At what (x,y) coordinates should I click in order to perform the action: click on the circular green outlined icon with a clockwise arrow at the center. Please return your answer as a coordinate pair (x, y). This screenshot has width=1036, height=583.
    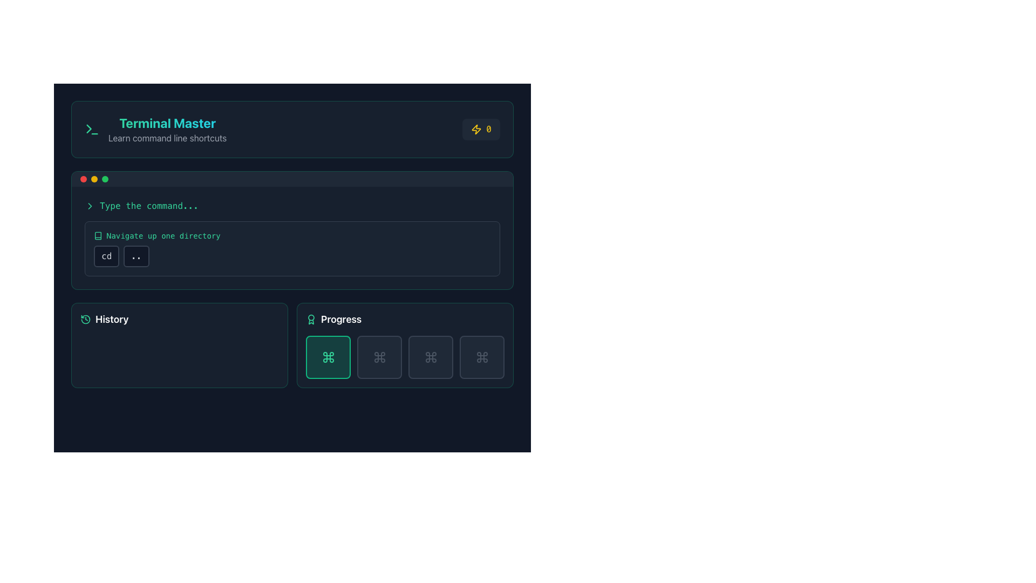
    Looking at the image, I should click on (85, 318).